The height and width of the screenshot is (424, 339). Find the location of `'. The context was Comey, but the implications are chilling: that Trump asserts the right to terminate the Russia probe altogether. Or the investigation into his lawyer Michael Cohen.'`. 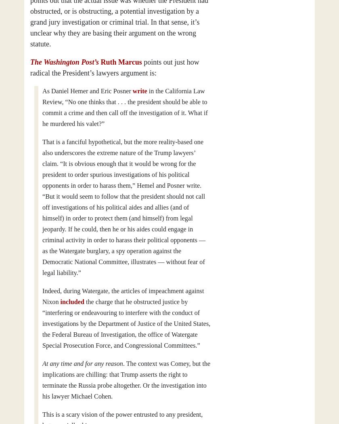

'. The context was Comey, but the implications are chilling: that Trump asserts the right to terminate the Russia probe altogether. Or the investigation into his lawyer Michael Cohen.' is located at coordinates (126, 380).